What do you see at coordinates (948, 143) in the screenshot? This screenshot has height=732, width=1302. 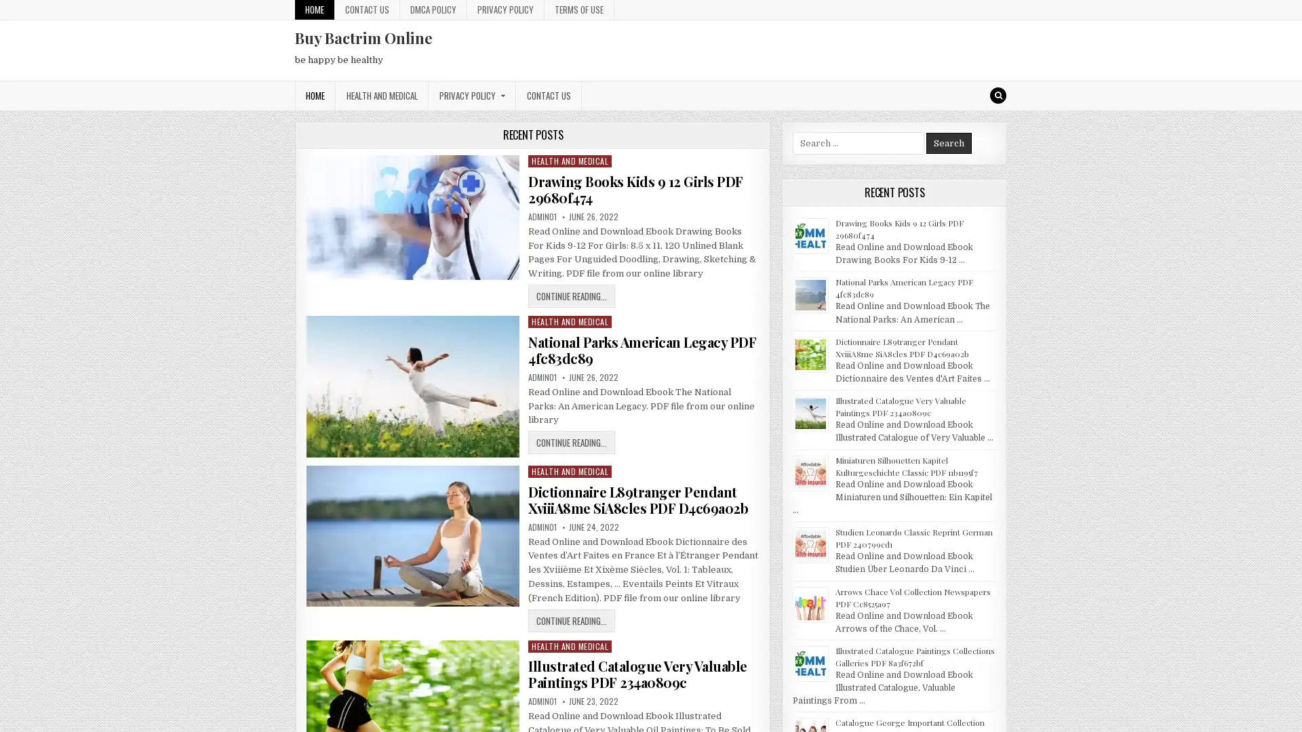 I see `Search` at bounding box center [948, 143].